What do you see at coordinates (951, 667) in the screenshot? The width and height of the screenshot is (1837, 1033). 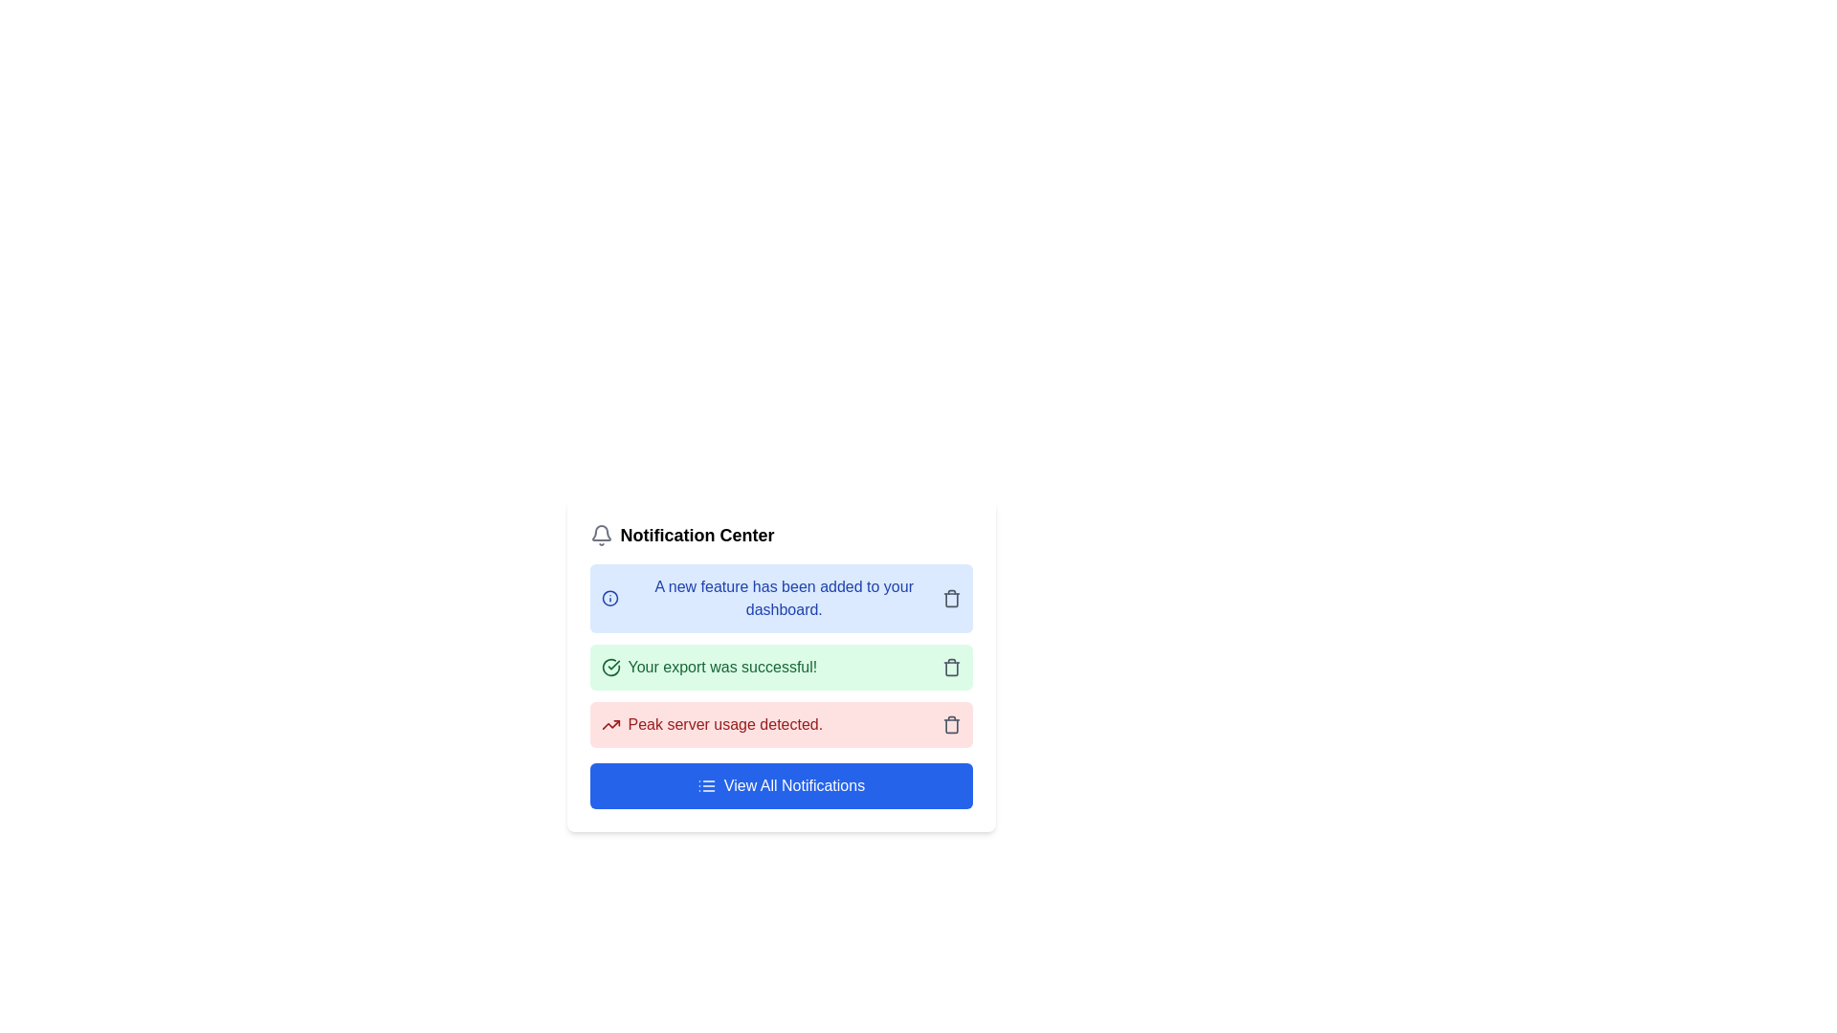 I see `the delete icon button located in the top-right corner of the second notification card with a green background, which contains the message 'Your export was successful!'` at bounding box center [951, 667].